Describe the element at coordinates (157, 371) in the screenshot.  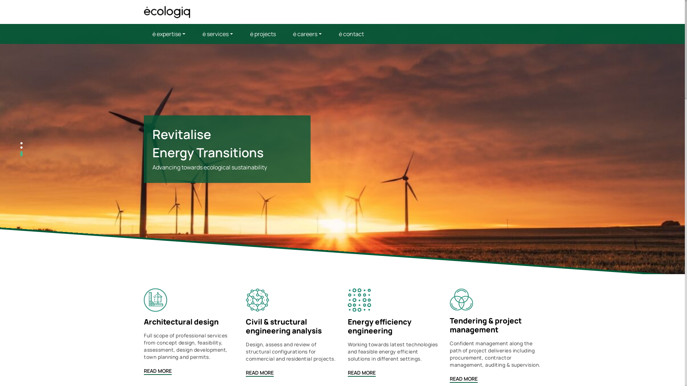
I see `'READ MORE'` at that location.